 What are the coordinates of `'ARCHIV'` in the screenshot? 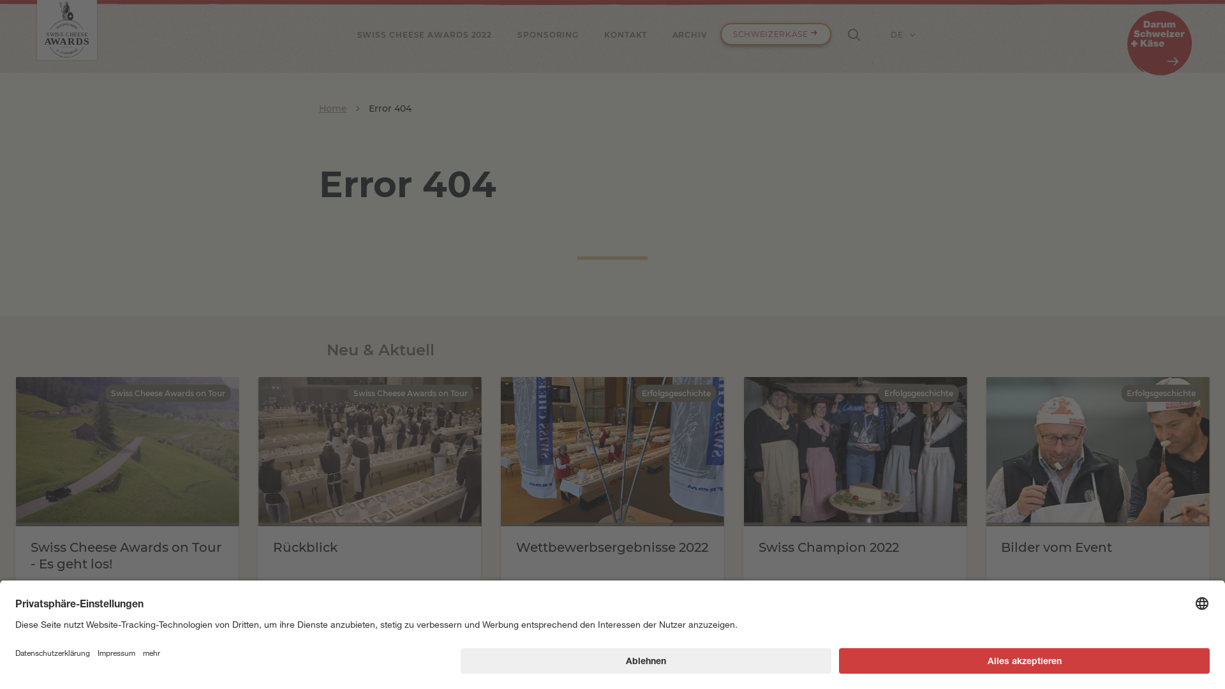 It's located at (689, 34).